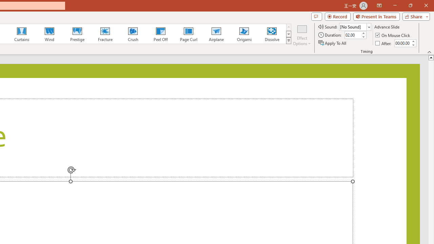 This screenshot has width=434, height=244. What do you see at coordinates (353, 35) in the screenshot?
I see `'Duration'` at bounding box center [353, 35].